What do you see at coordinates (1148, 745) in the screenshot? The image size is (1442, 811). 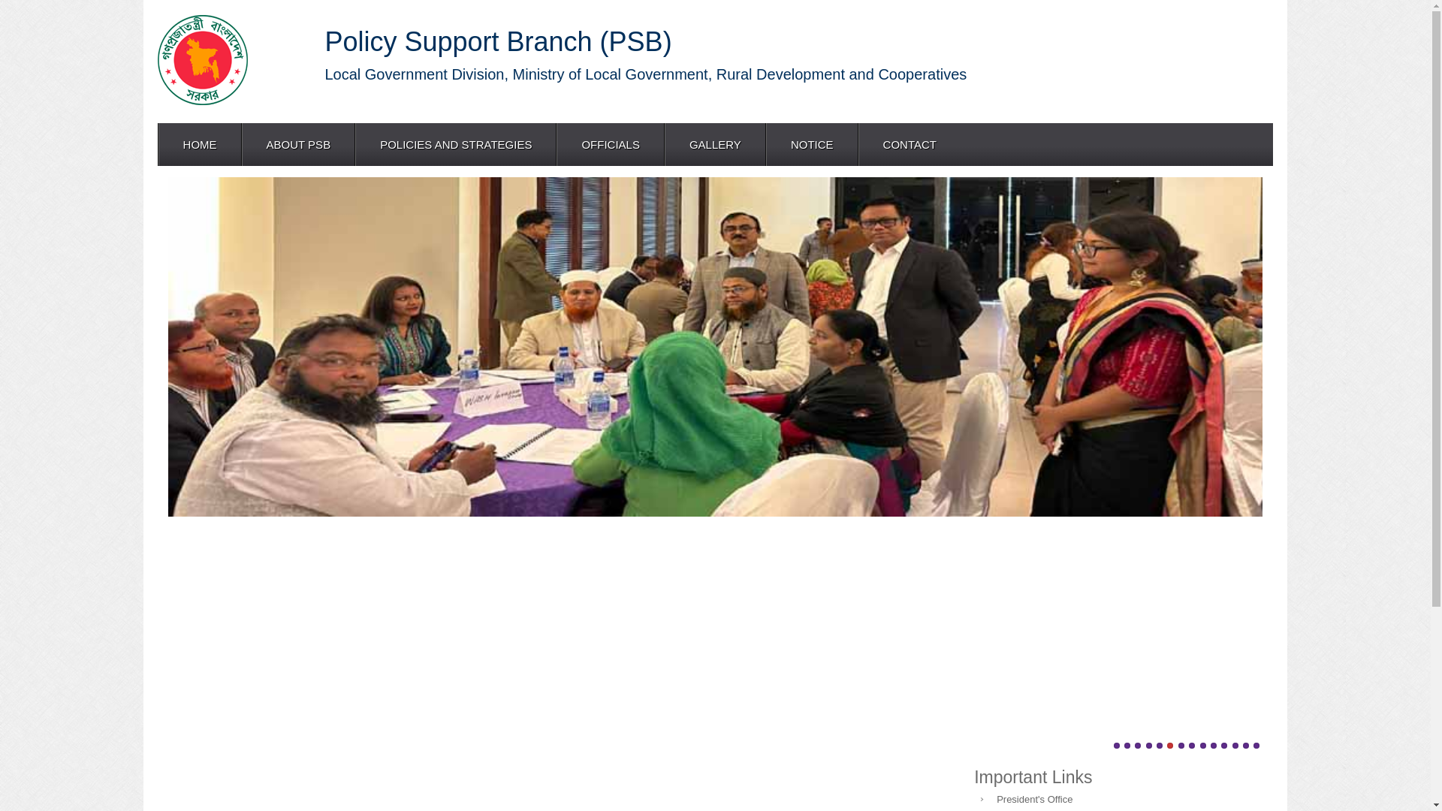 I see `'4'` at bounding box center [1148, 745].